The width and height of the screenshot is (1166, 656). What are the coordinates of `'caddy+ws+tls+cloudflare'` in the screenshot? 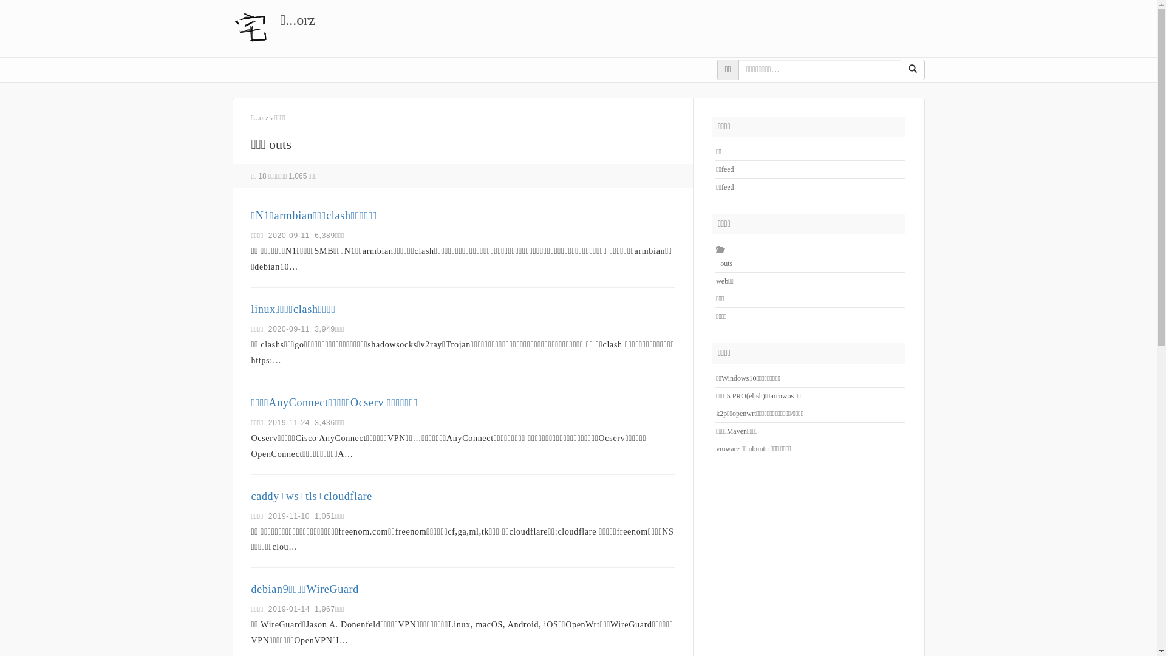 It's located at (312, 496).